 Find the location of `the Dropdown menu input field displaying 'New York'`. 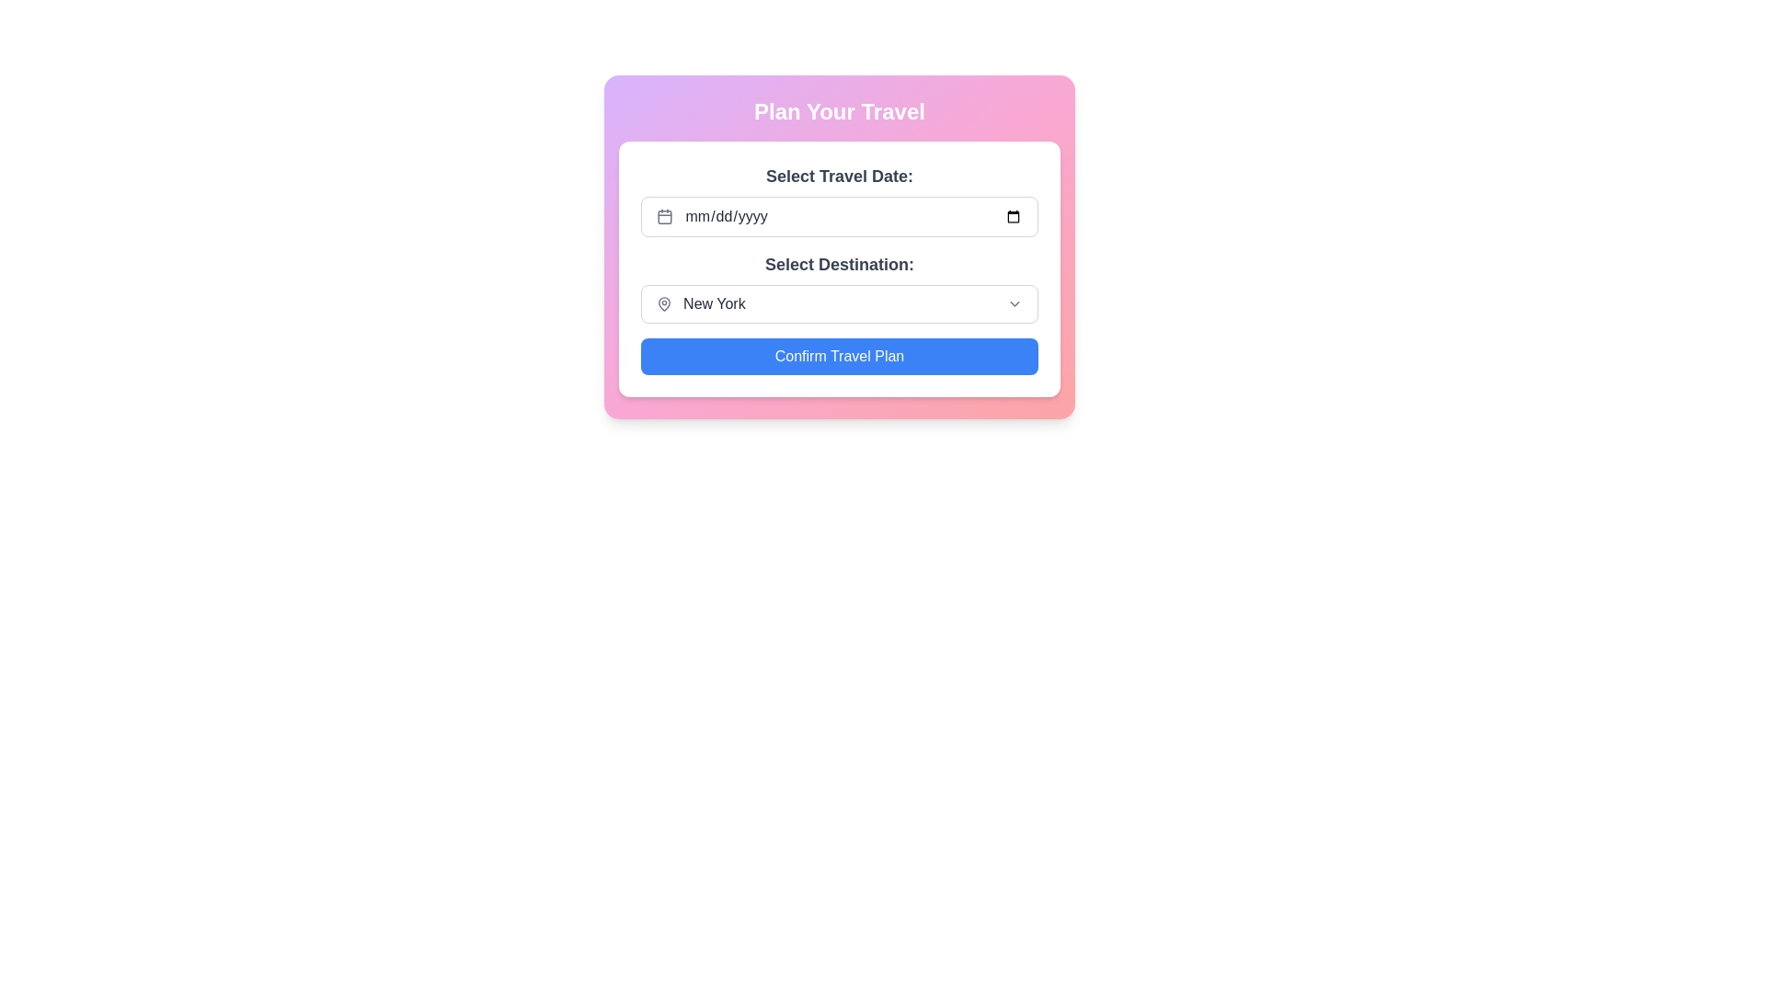

the Dropdown menu input field displaying 'New York' is located at coordinates (838, 303).